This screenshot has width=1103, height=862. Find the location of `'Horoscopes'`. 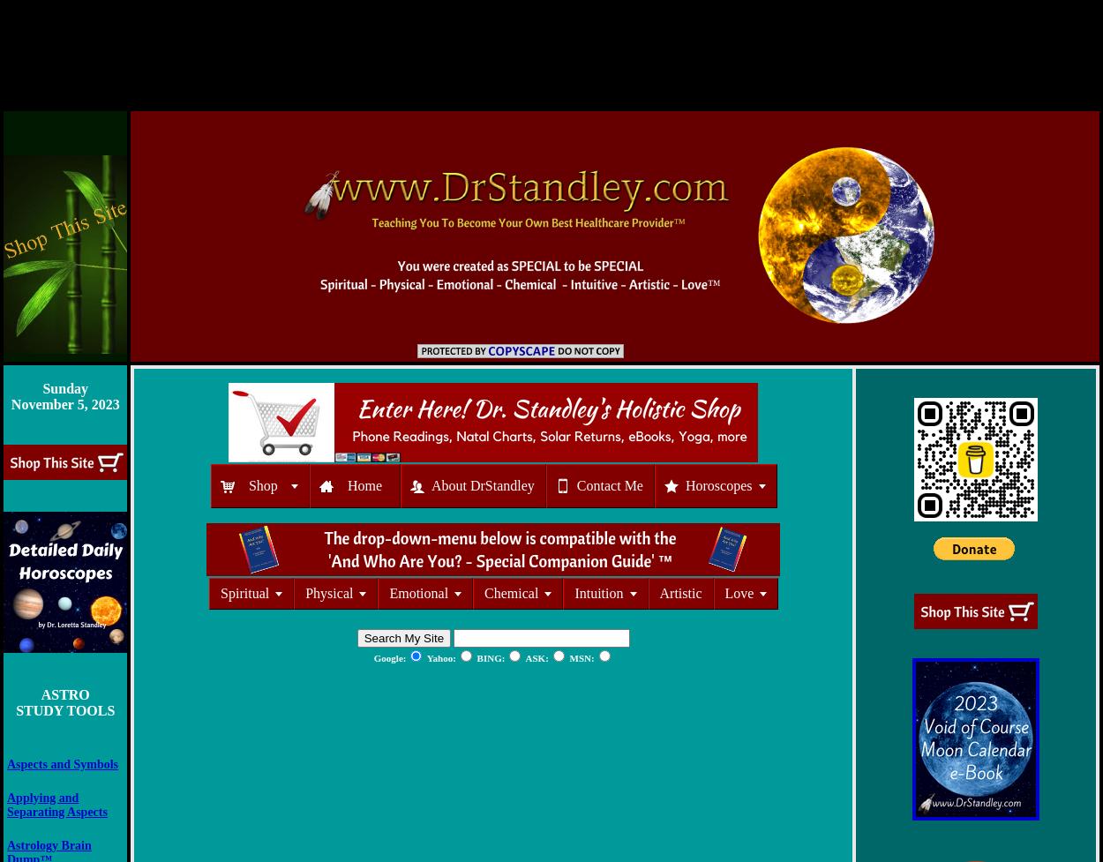

'Horoscopes' is located at coordinates (685, 484).